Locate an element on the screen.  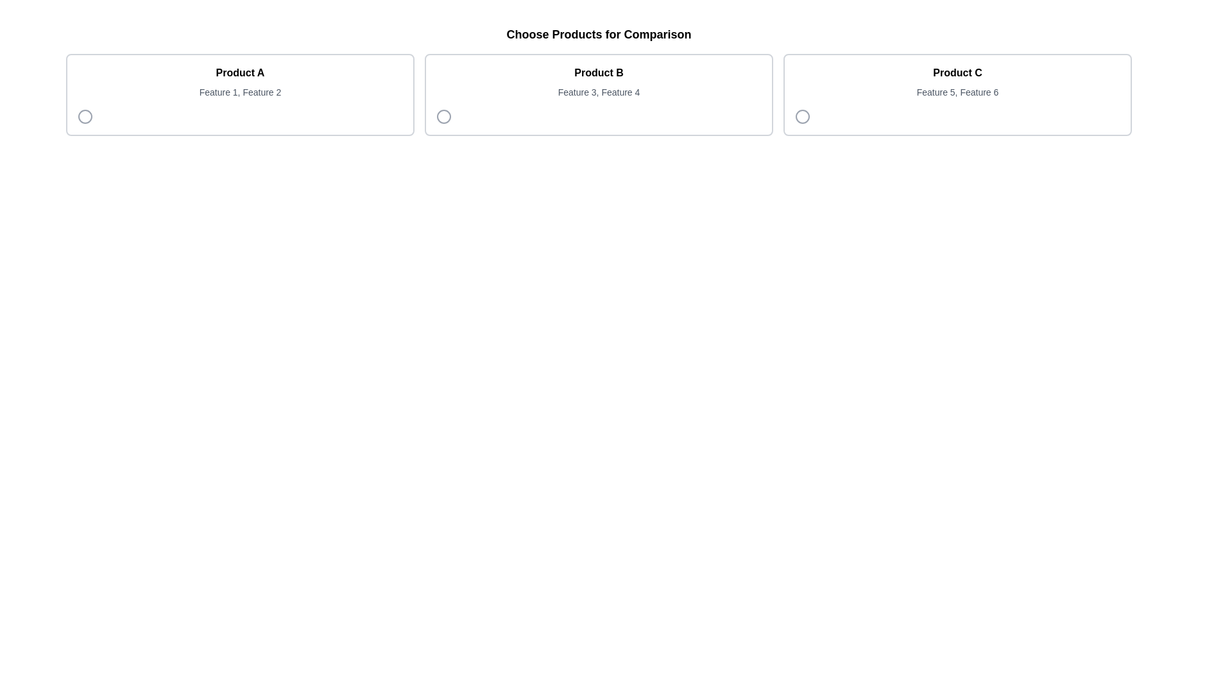
the non-interactive Text Label that provides a summary of 'Product A', located beneath the 'Product A' title in the leftmost product card is located at coordinates (240, 91).